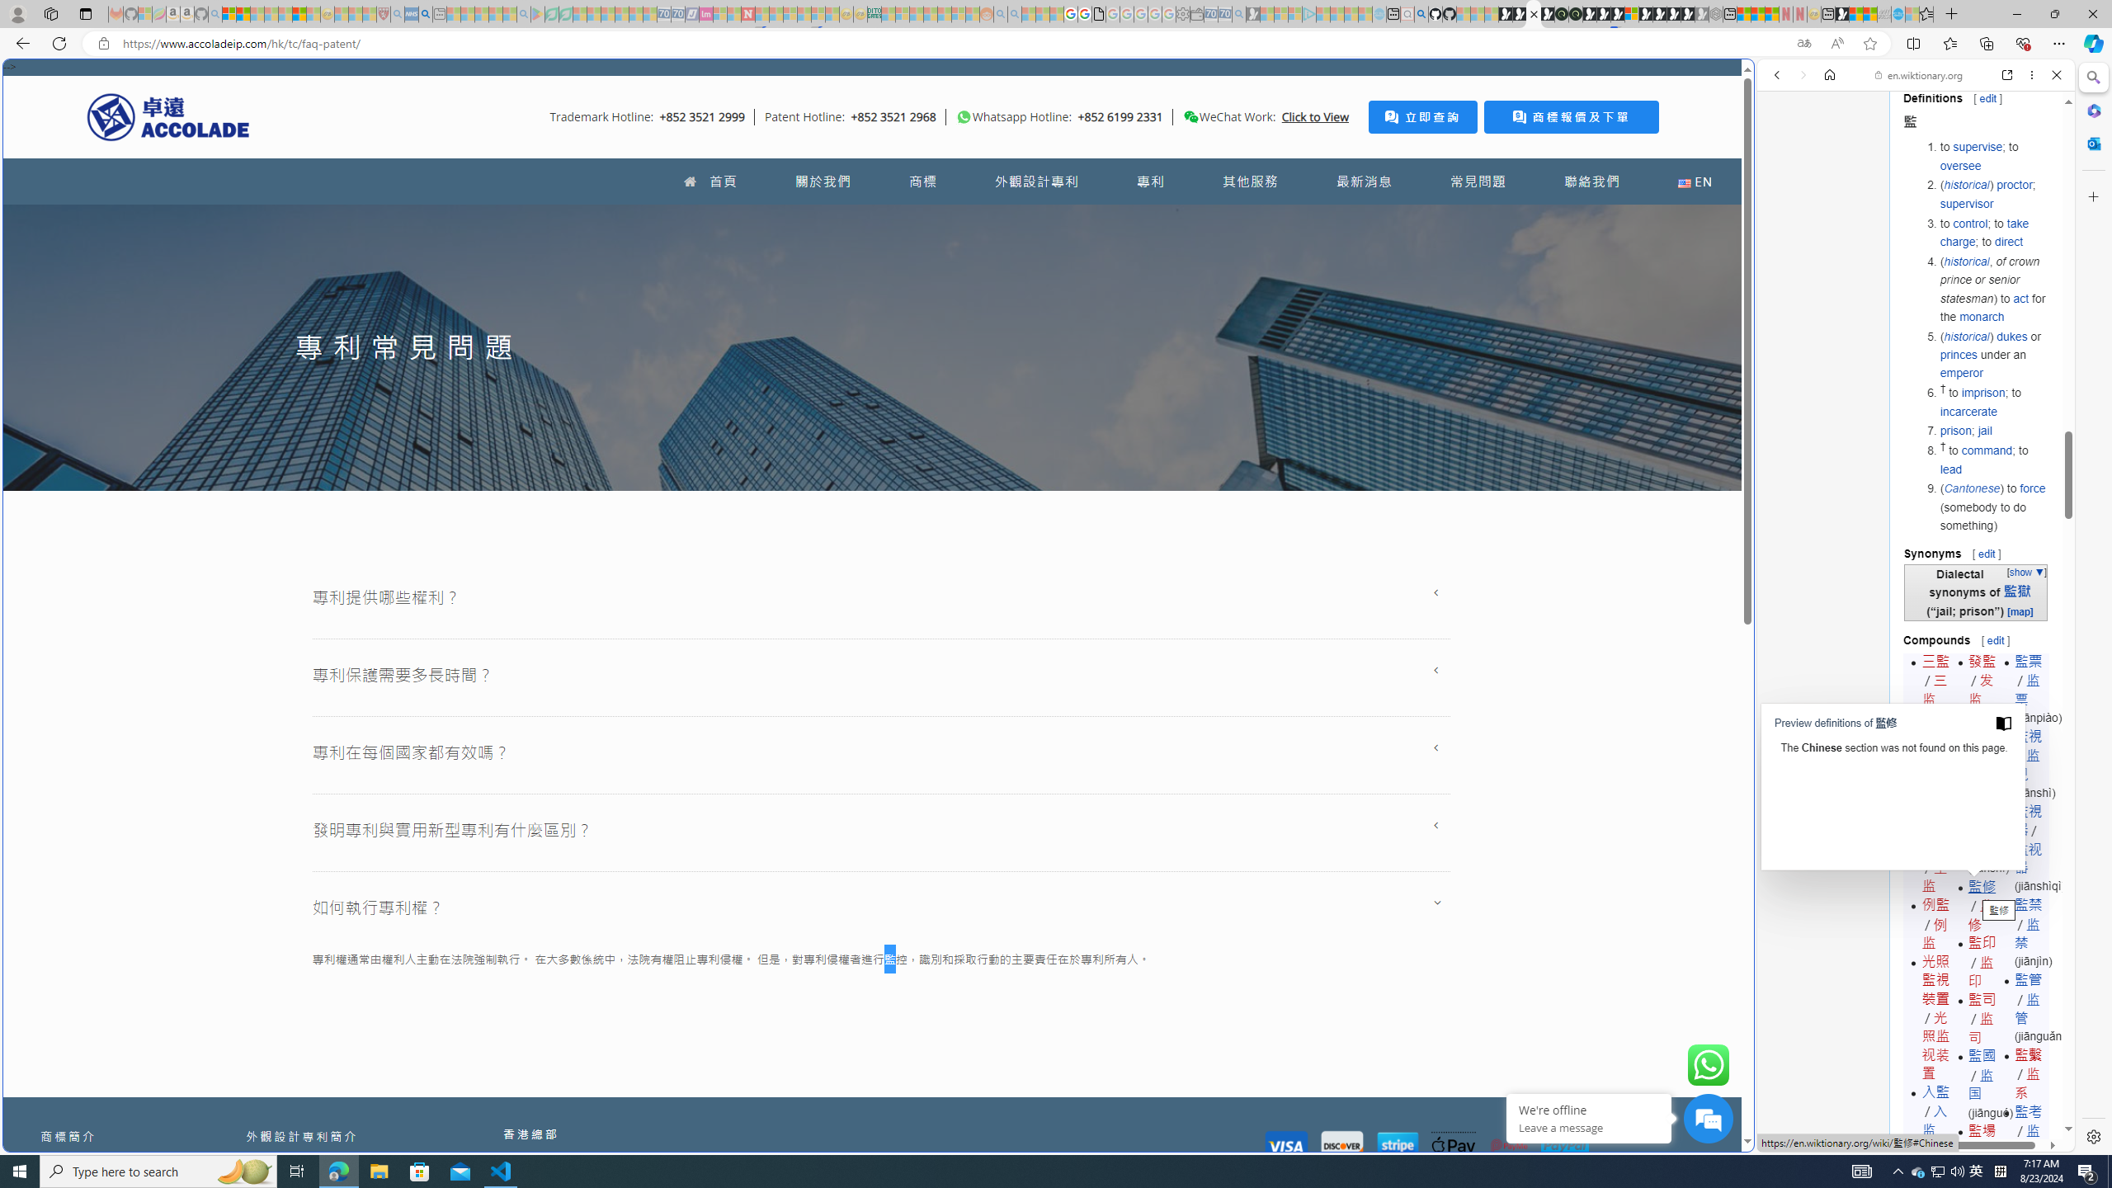 The width and height of the screenshot is (2112, 1188). Describe the element at coordinates (1659, 13) in the screenshot. I see `'Play Free Online Games | Games from Microsoft Start'` at that location.